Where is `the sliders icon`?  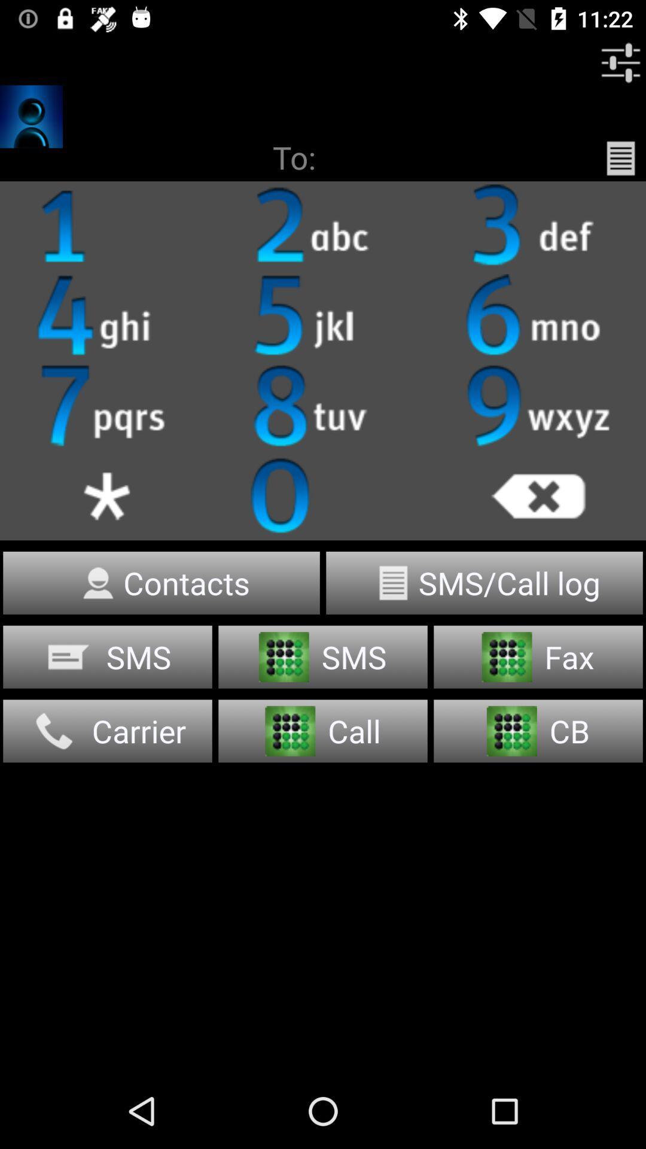 the sliders icon is located at coordinates (537, 226).